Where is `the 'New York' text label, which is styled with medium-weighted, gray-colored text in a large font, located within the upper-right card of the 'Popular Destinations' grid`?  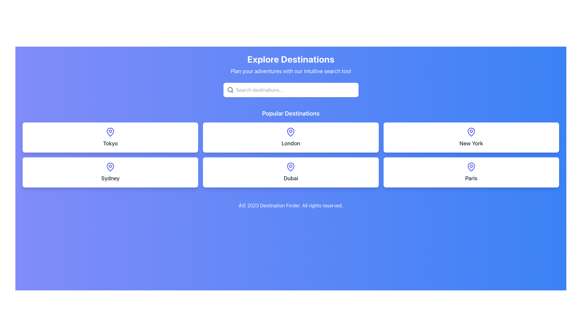
the 'New York' text label, which is styled with medium-weighted, gray-colored text in a large font, located within the upper-right card of the 'Popular Destinations' grid is located at coordinates (471, 144).